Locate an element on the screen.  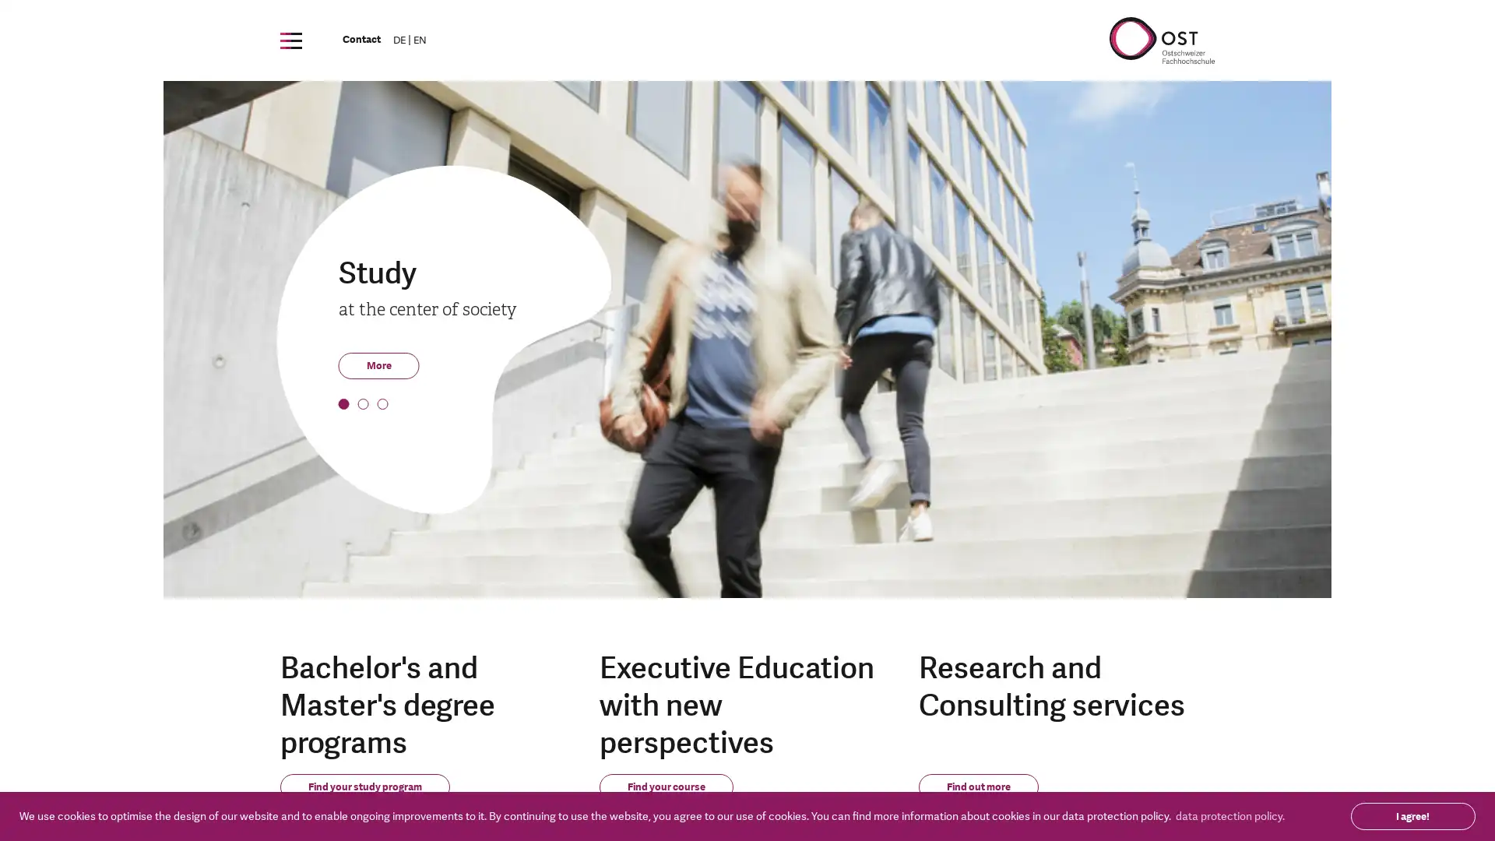
2 is located at coordinates (366, 455).